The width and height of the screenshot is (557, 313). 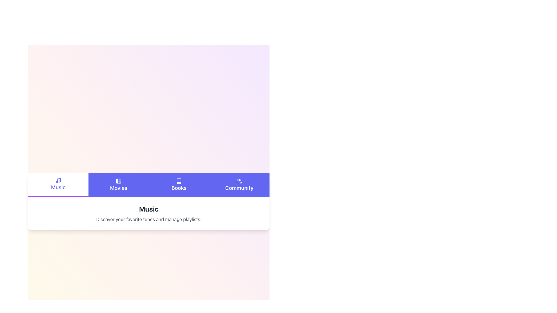 I want to click on the music icon represented by a note symbol in the navigation panel, so click(x=58, y=180).